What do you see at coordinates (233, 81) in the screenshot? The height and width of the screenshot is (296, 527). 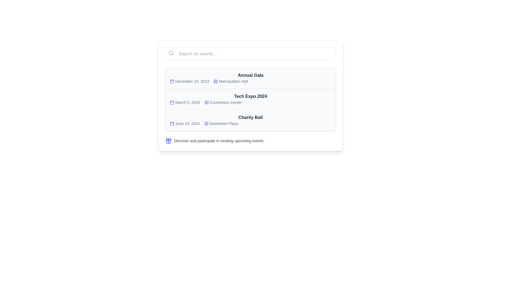 I see `the text label 'Metropolitan Hall', which is part of the first event in the list under the header 'Annual Gala'` at bounding box center [233, 81].